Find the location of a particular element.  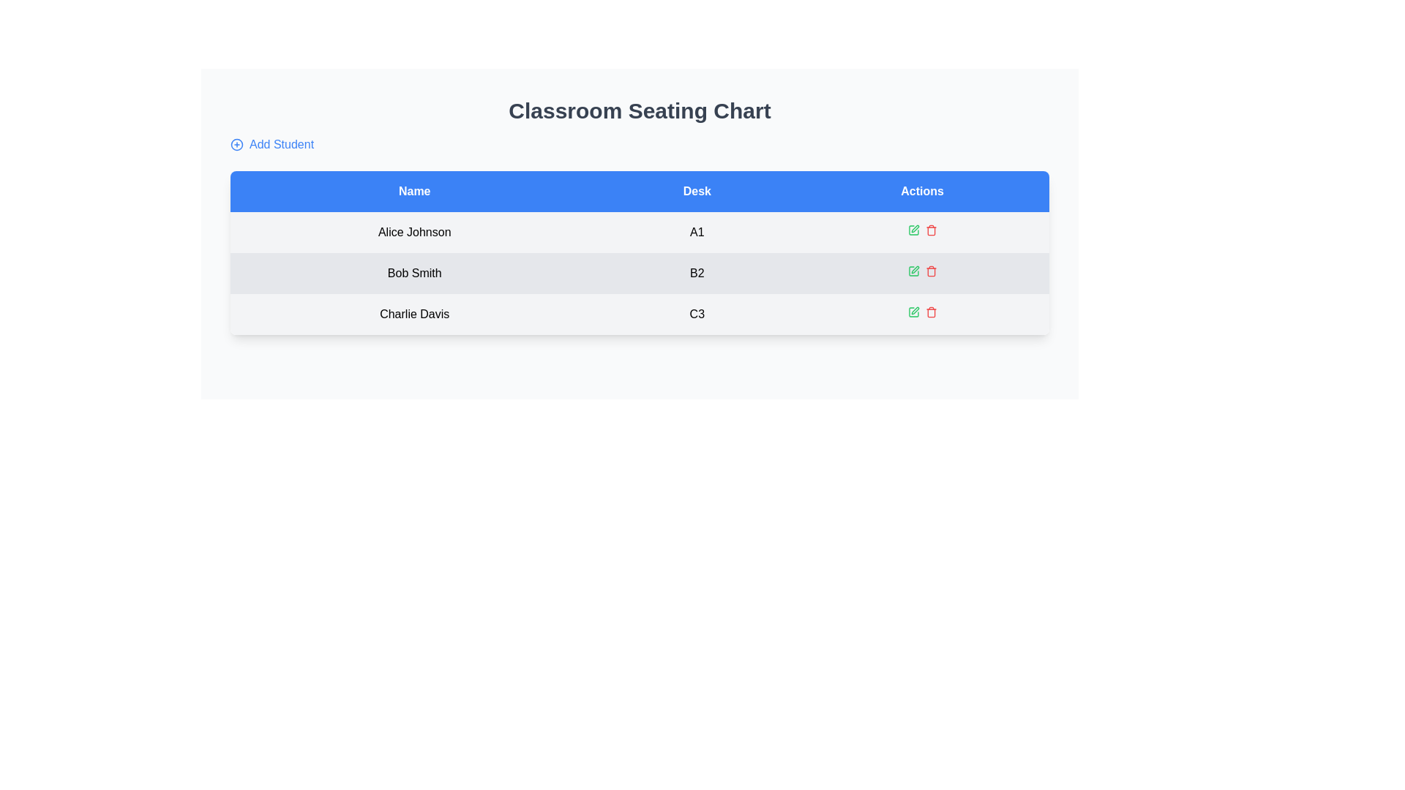

the static text label at the center-top section of the interface, which serves as the title or headline of the page is located at coordinates (640, 110).